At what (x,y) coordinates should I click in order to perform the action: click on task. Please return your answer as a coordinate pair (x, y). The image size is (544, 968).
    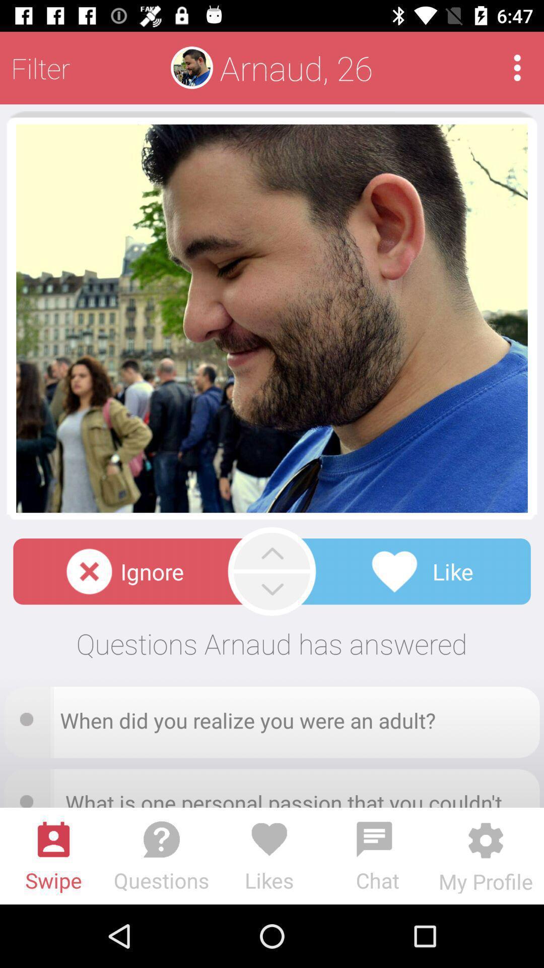
    Looking at the image, I should click on (29, 715).